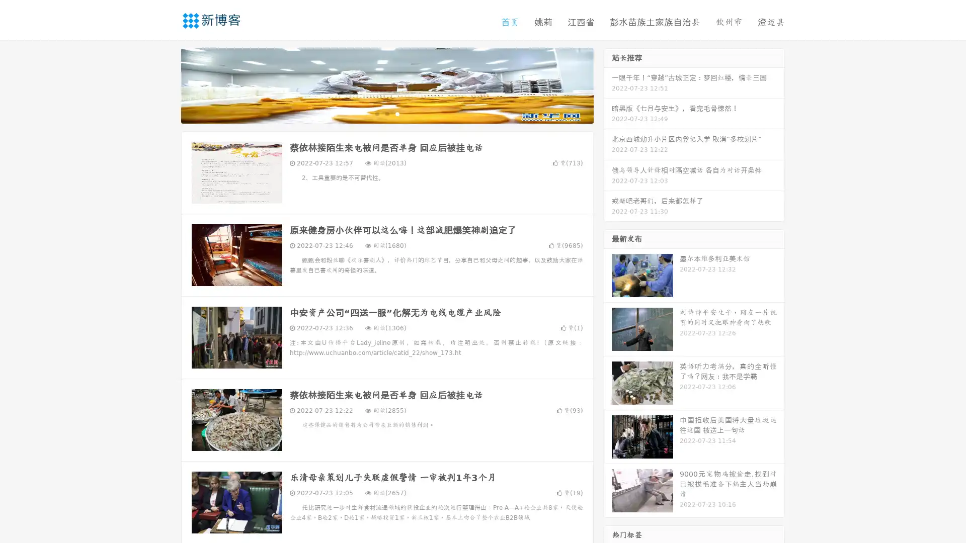  Describe the element at coordinates (397, 113) in the screenshot. I see `Go to slide 3` at that location.